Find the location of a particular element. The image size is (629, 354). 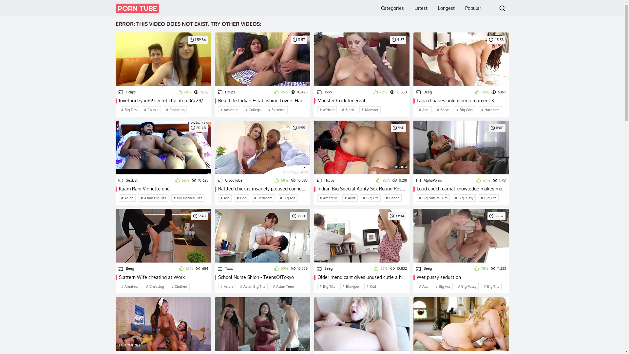

'Slattern Wife cheating at Work' is located at coordinates (118, 277).